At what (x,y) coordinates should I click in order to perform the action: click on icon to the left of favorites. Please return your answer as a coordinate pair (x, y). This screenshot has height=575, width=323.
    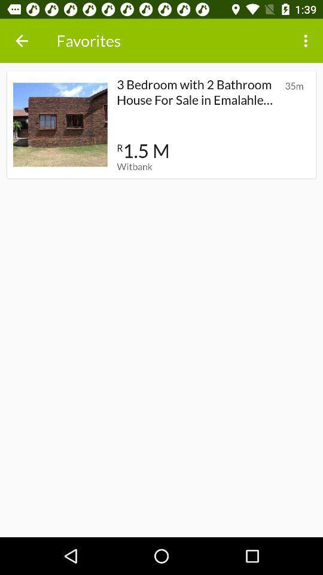
    Looking at the image, I should click on (22, 41).